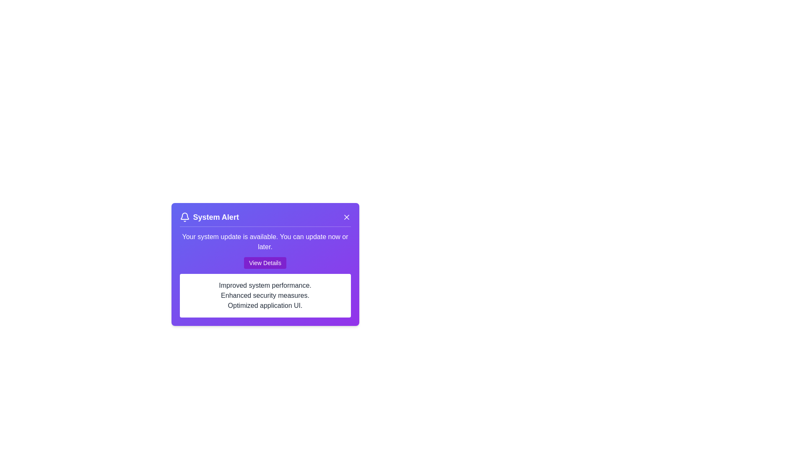  Describe the element at coordinates (265, 263) in the screenshot. I see `'View Details' button to toggle the visibility of the details section` at that location.